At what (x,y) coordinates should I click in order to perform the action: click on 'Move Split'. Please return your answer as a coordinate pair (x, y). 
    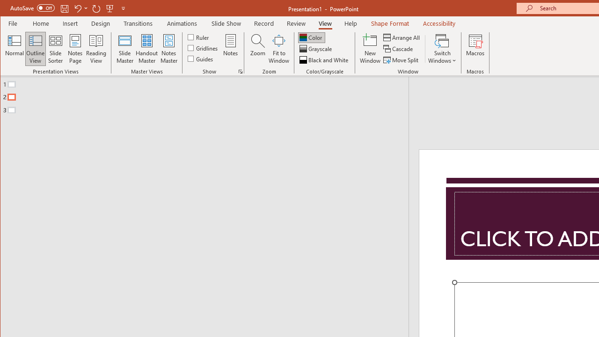
    Looking at the image, I should click on (402, 60).